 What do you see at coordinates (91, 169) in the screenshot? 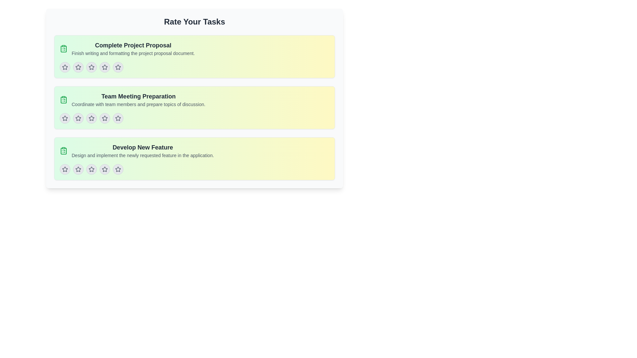
I see `the fourth star icon in the row of five star icons to rate the task titled 'Develop New Feature'` at bounding box center [91, 169].